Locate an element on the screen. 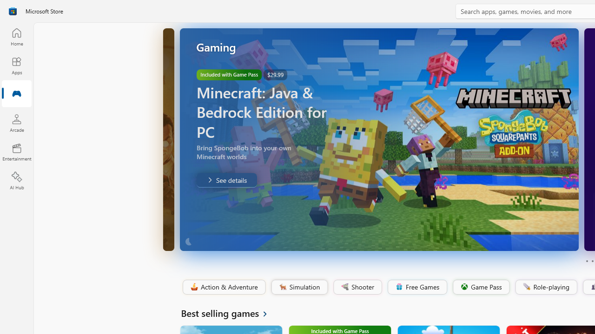 This screenshot has height=334, width=595. 'Game Pass' is located at coordinates (480, 287).